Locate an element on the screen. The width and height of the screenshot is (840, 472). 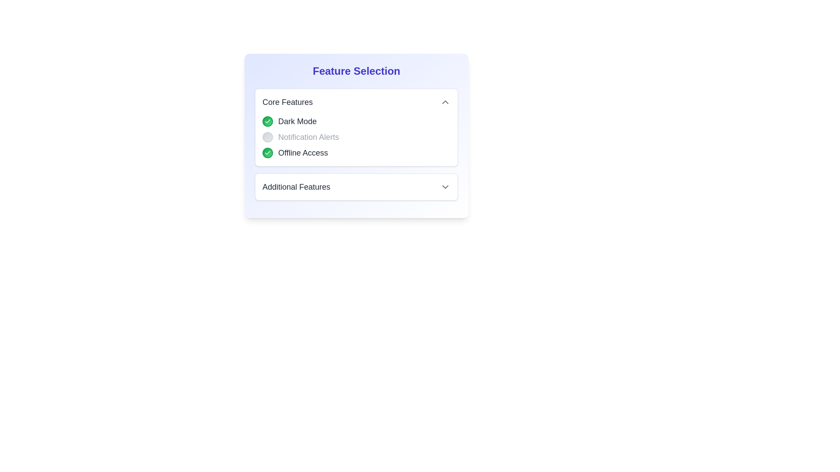
text label that serves as a heading for the expandable section in the 'Feature Selection' box, located at the bottom of the box and centrally aligned with a chevron-down icon on its right is located at coordinates (296, 187).